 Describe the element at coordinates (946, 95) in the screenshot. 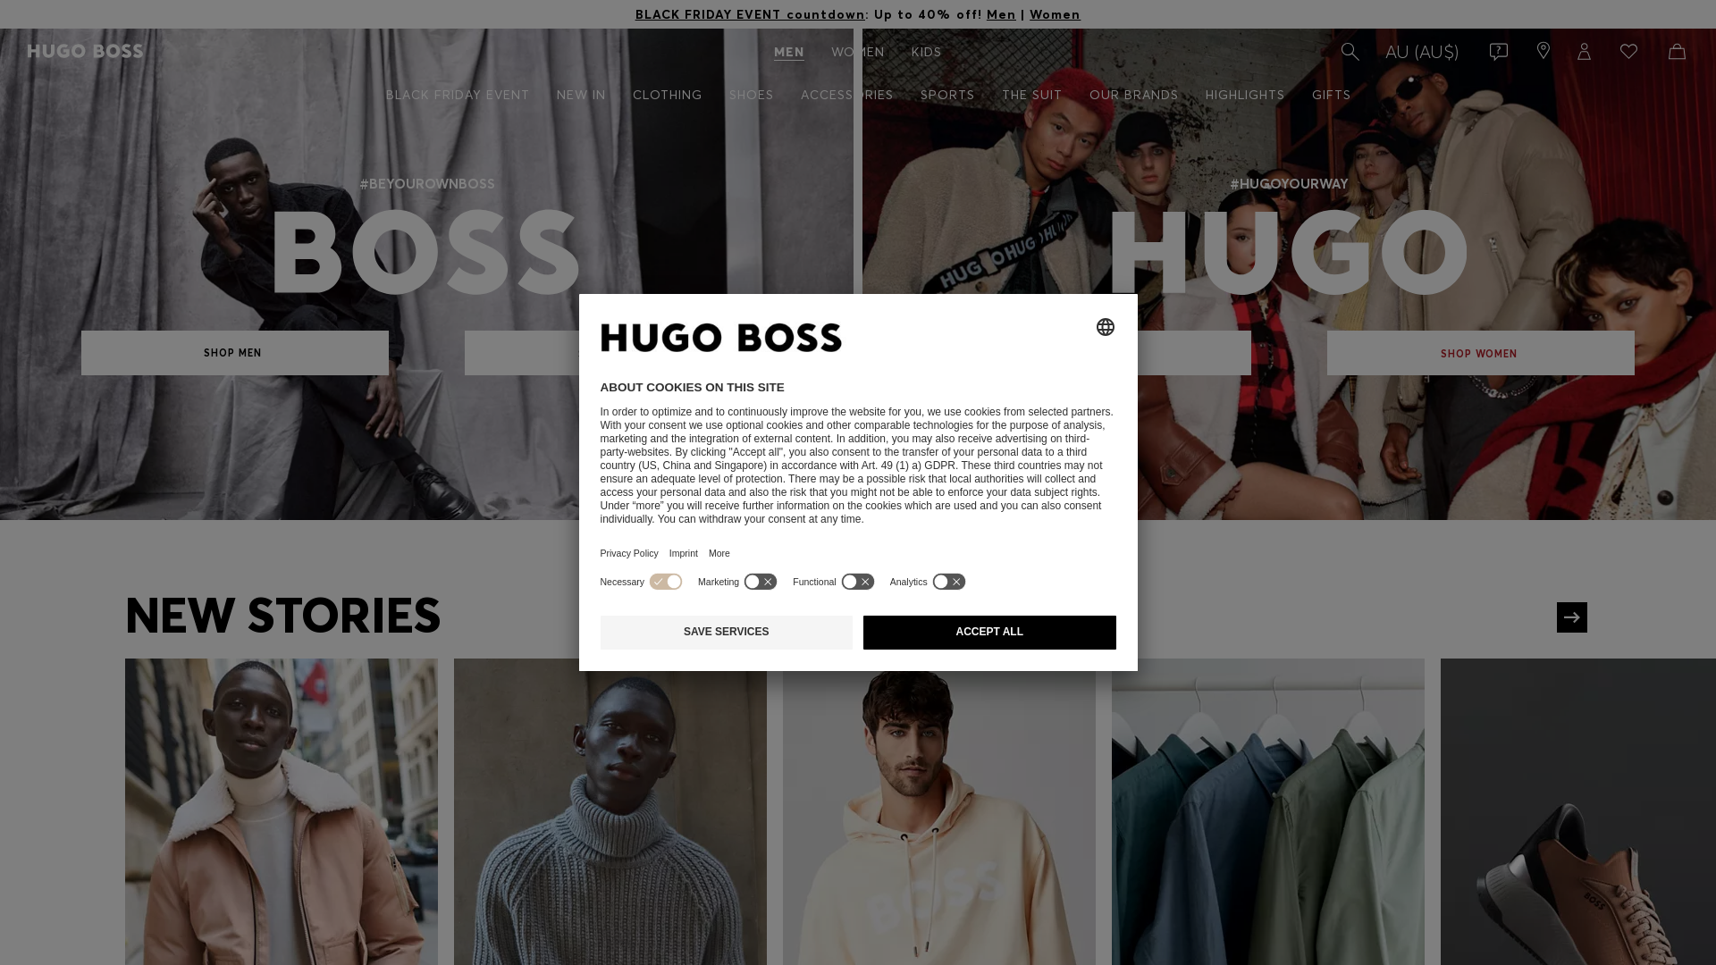

I see `'SPORTS'` at that location.